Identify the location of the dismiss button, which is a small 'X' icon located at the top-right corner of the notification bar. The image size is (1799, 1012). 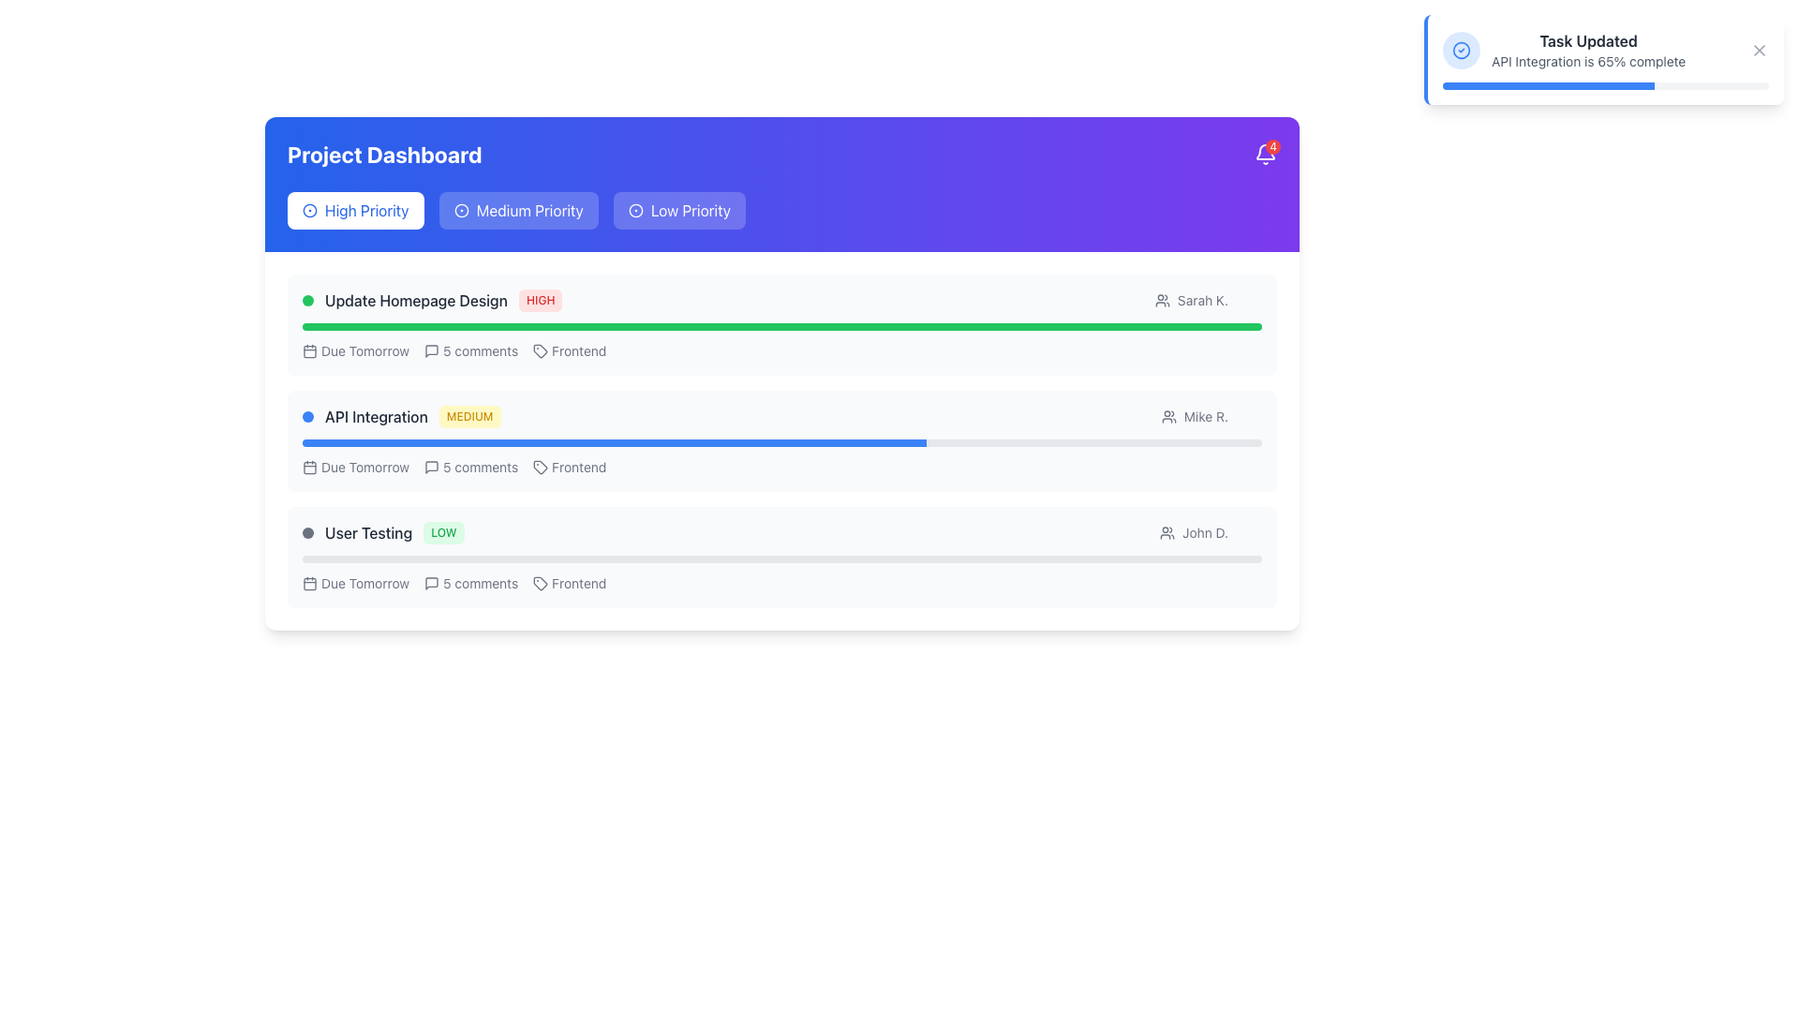
(1758, 50).